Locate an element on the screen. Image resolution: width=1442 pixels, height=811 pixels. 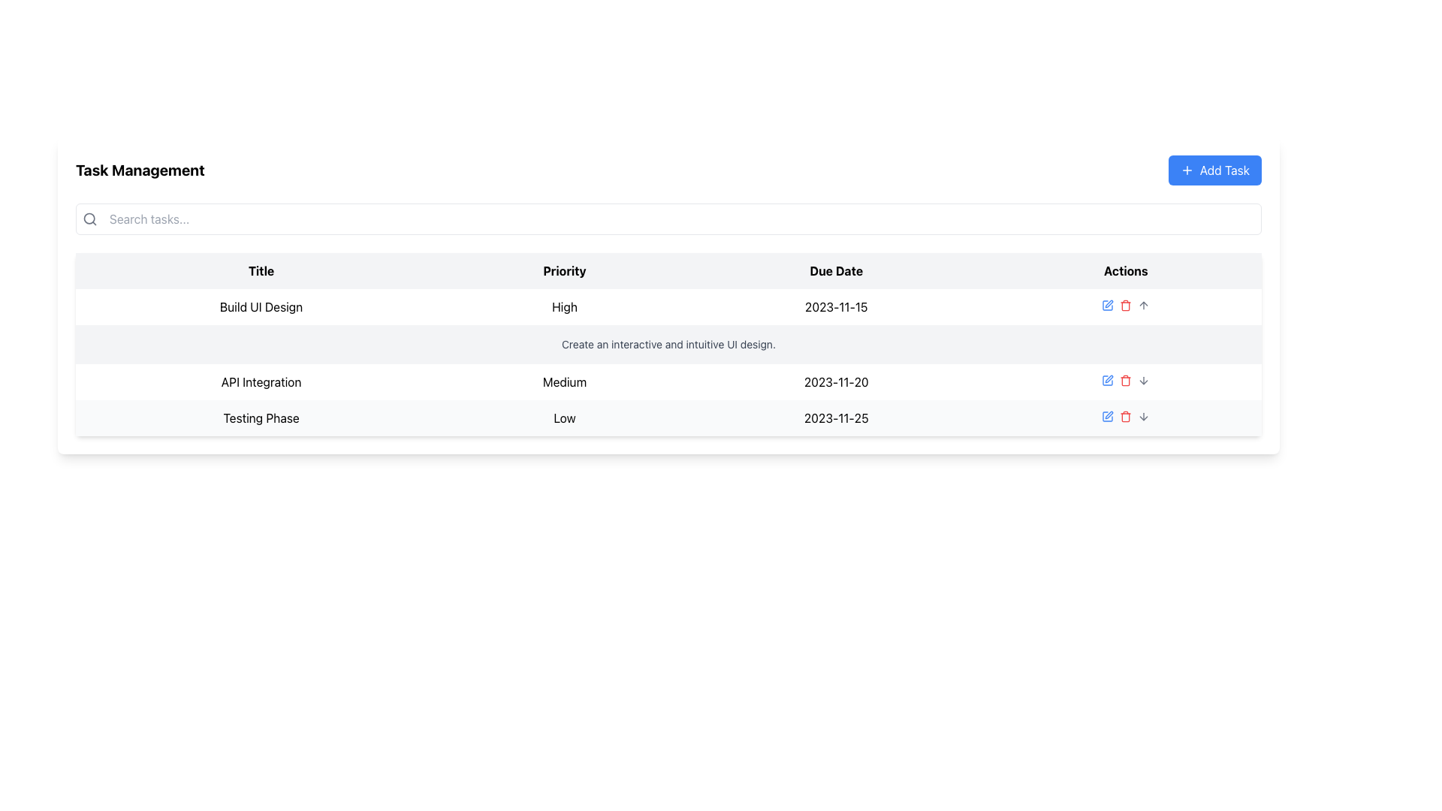
the small plus sign icon located to the left of the 'Add Task' text on the blue button in the top-right corner is located at coordinates (1186, 170).